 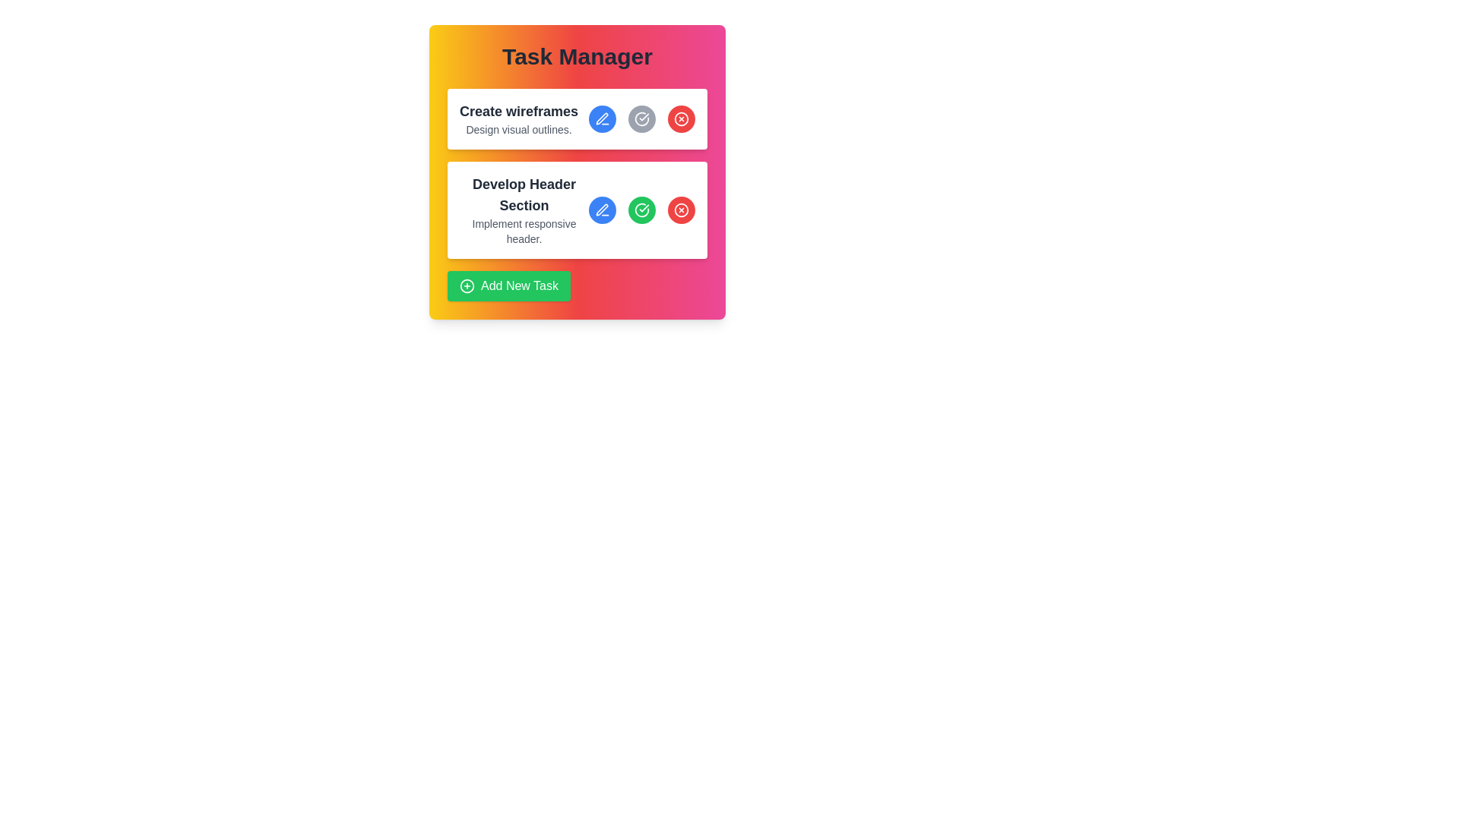 I want to click on the Icon Button resembling a pen, which is styled with a blue circular background and white pen graphic, located in the first task card labeled 'Create wireframes', so click(x=601, y=118).